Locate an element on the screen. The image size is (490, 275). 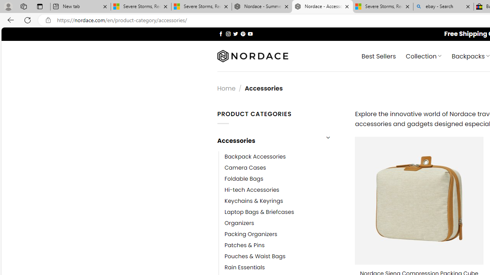
'  Best Sellers' is located at coordinates (379, 55).